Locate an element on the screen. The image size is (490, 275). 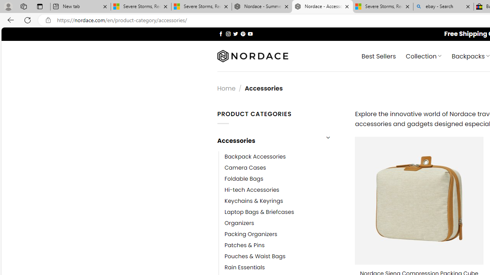
'  Best Sellers' is located at coordinates (379, 55).